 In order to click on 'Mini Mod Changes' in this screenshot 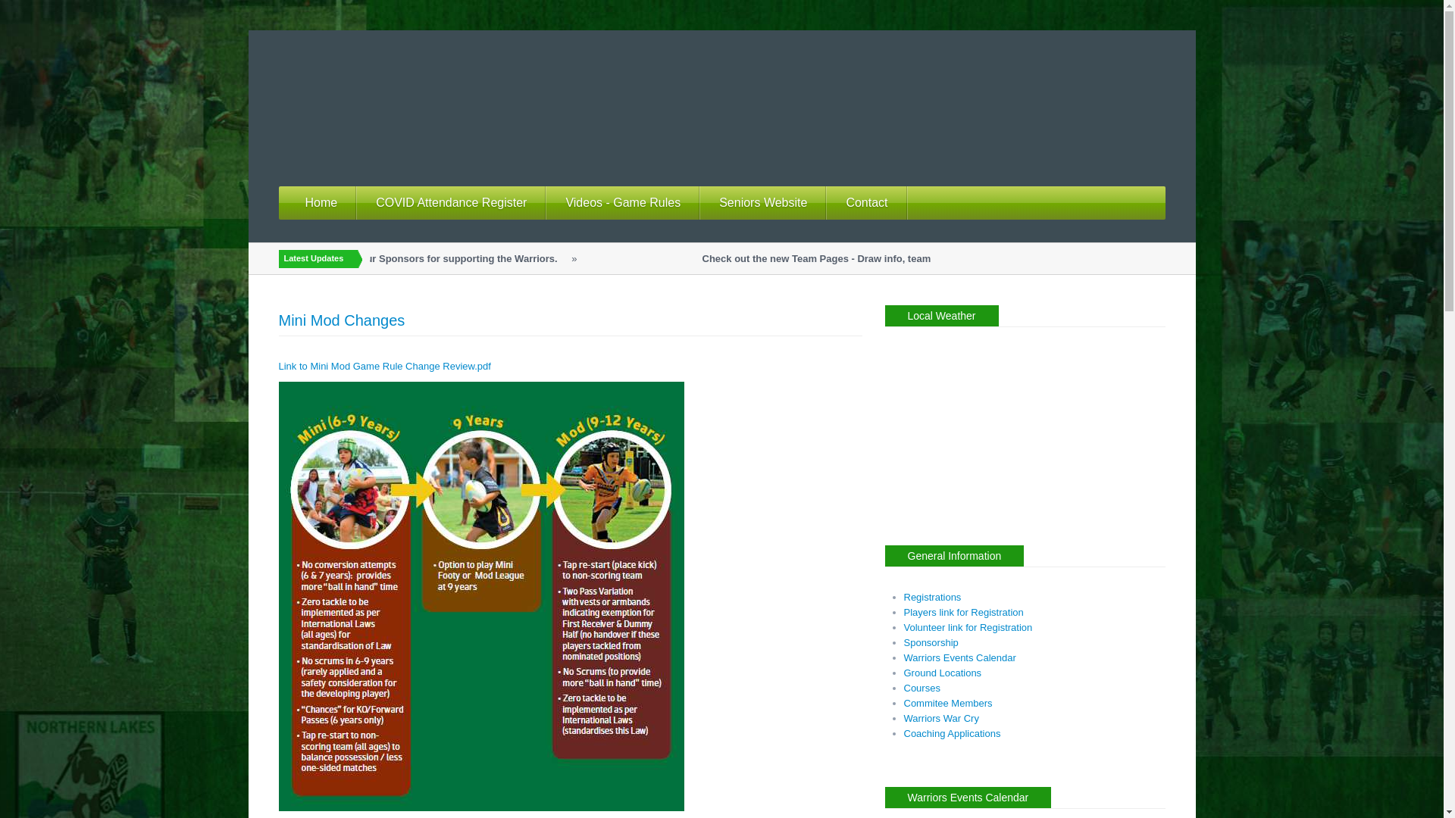, I will do `click(341, 320)`.